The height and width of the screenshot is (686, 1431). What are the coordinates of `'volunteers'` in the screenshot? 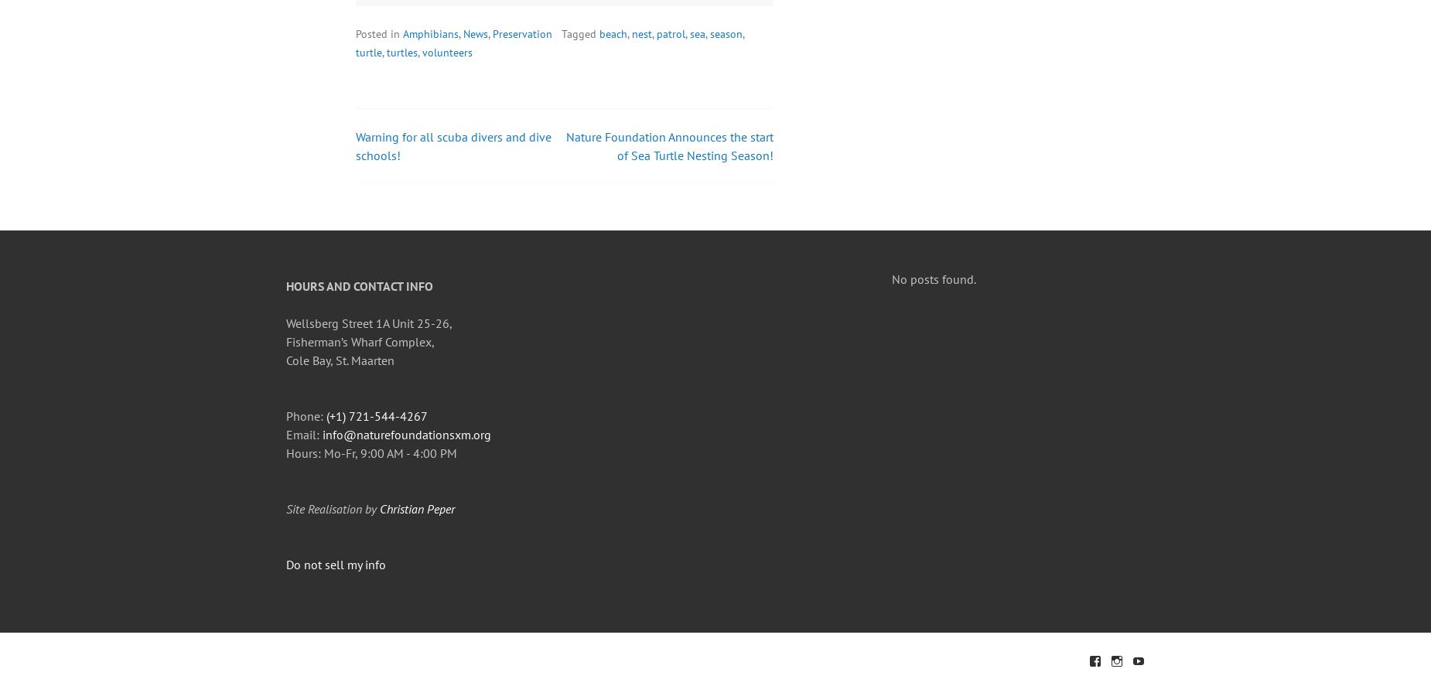 It's located at (422, 52).